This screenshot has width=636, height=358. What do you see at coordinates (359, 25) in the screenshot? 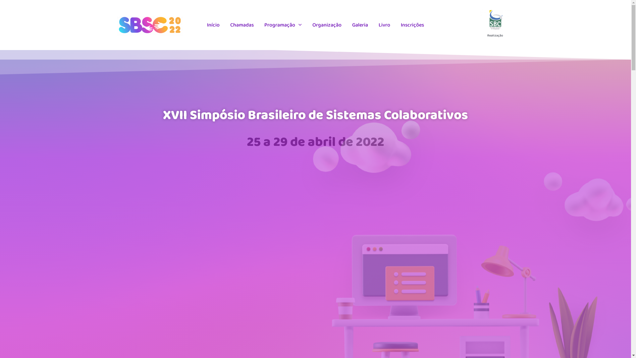
I see `'Galeria'` at bounding box center [359, 25].